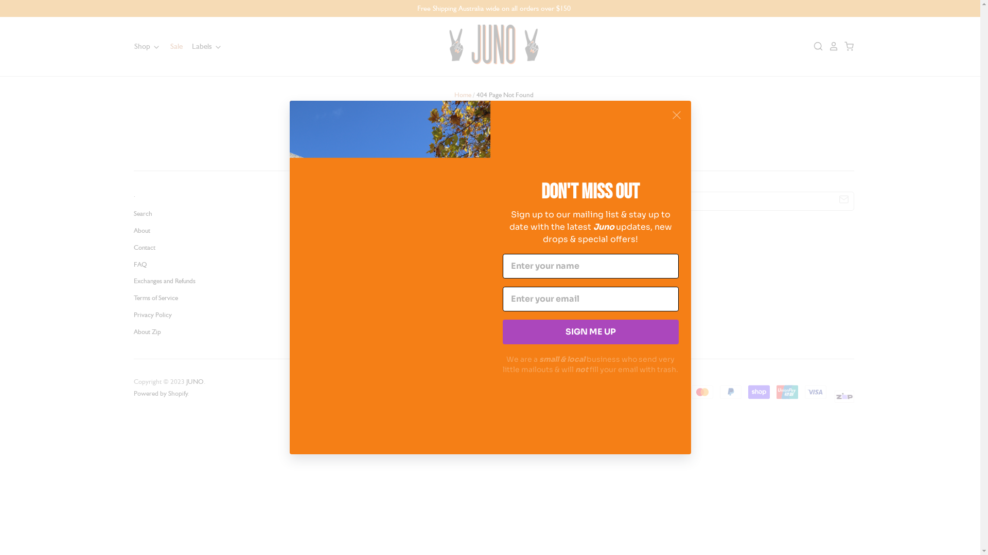  What do you see at coordinates (144, 247) in the screenshot?
I see `'Contact'` at bounding box center [144, 247].